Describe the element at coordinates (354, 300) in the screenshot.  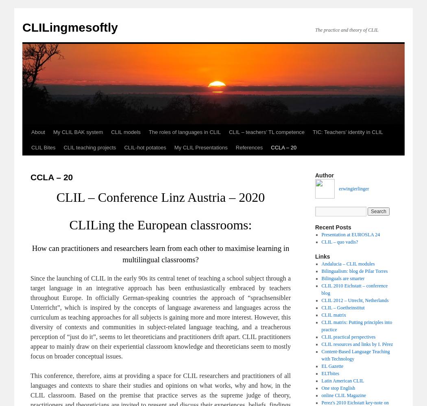
I see `'CLIL 2012 – Utrecht, Netherlands'` at that location.